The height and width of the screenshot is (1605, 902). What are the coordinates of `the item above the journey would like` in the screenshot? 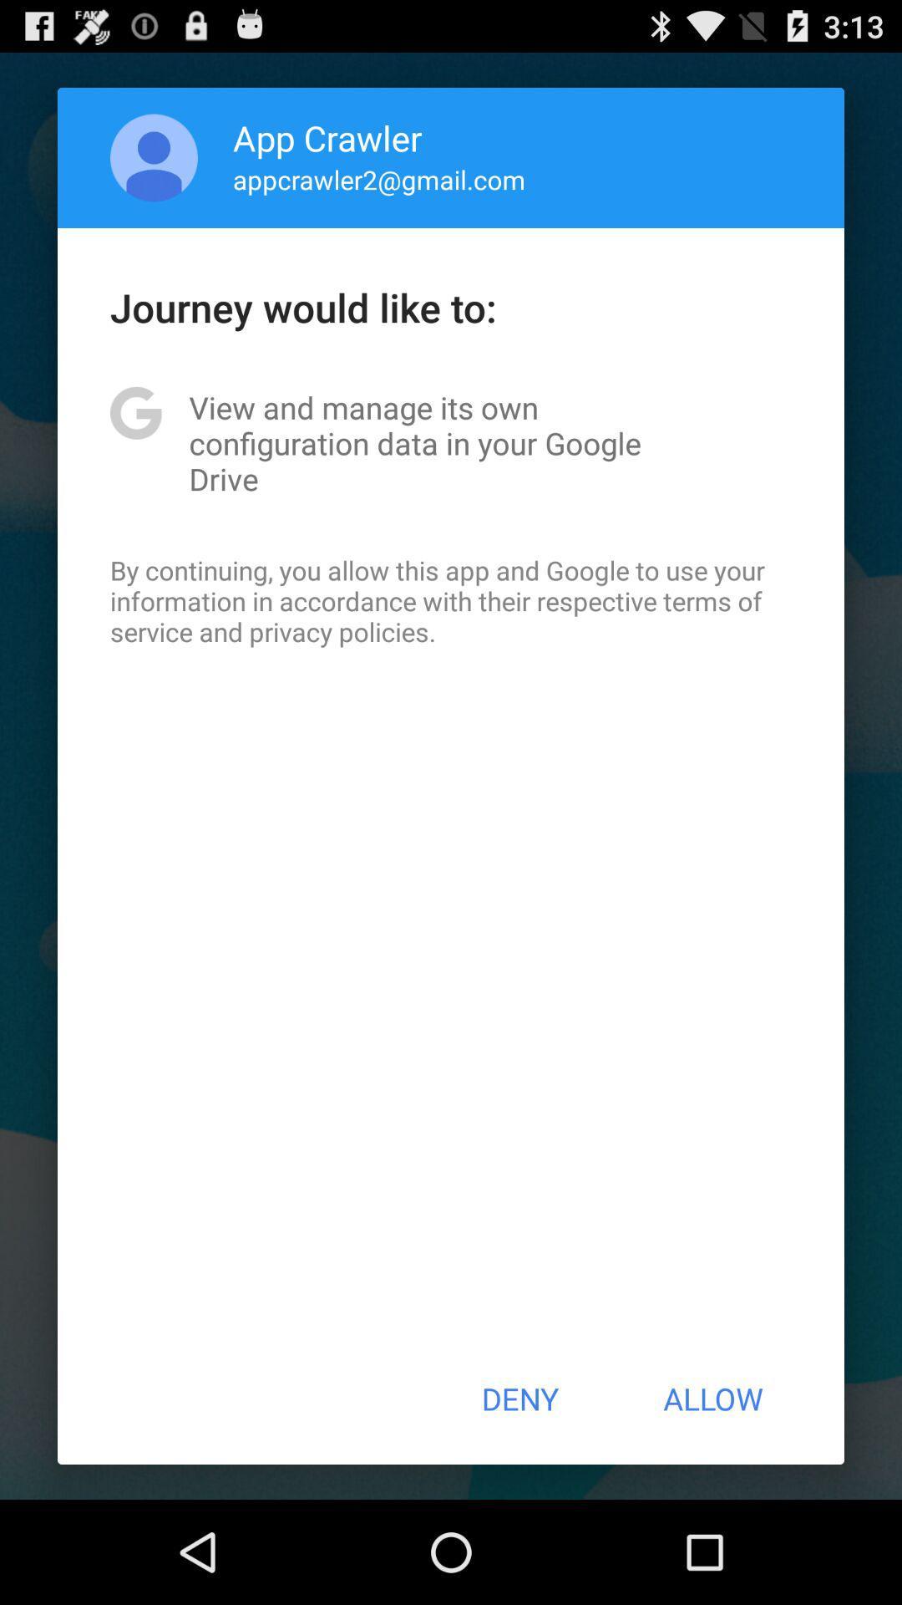 It's located at (154, 157).